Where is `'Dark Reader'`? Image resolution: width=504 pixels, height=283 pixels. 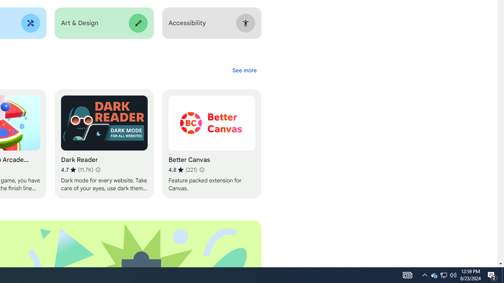
'Dark Reader' is located at coordinates (104, 144).